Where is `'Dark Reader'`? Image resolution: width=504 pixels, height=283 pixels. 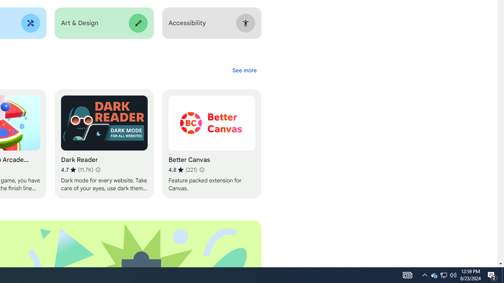
'Dark Reader' is located at coordinates (104, 144).